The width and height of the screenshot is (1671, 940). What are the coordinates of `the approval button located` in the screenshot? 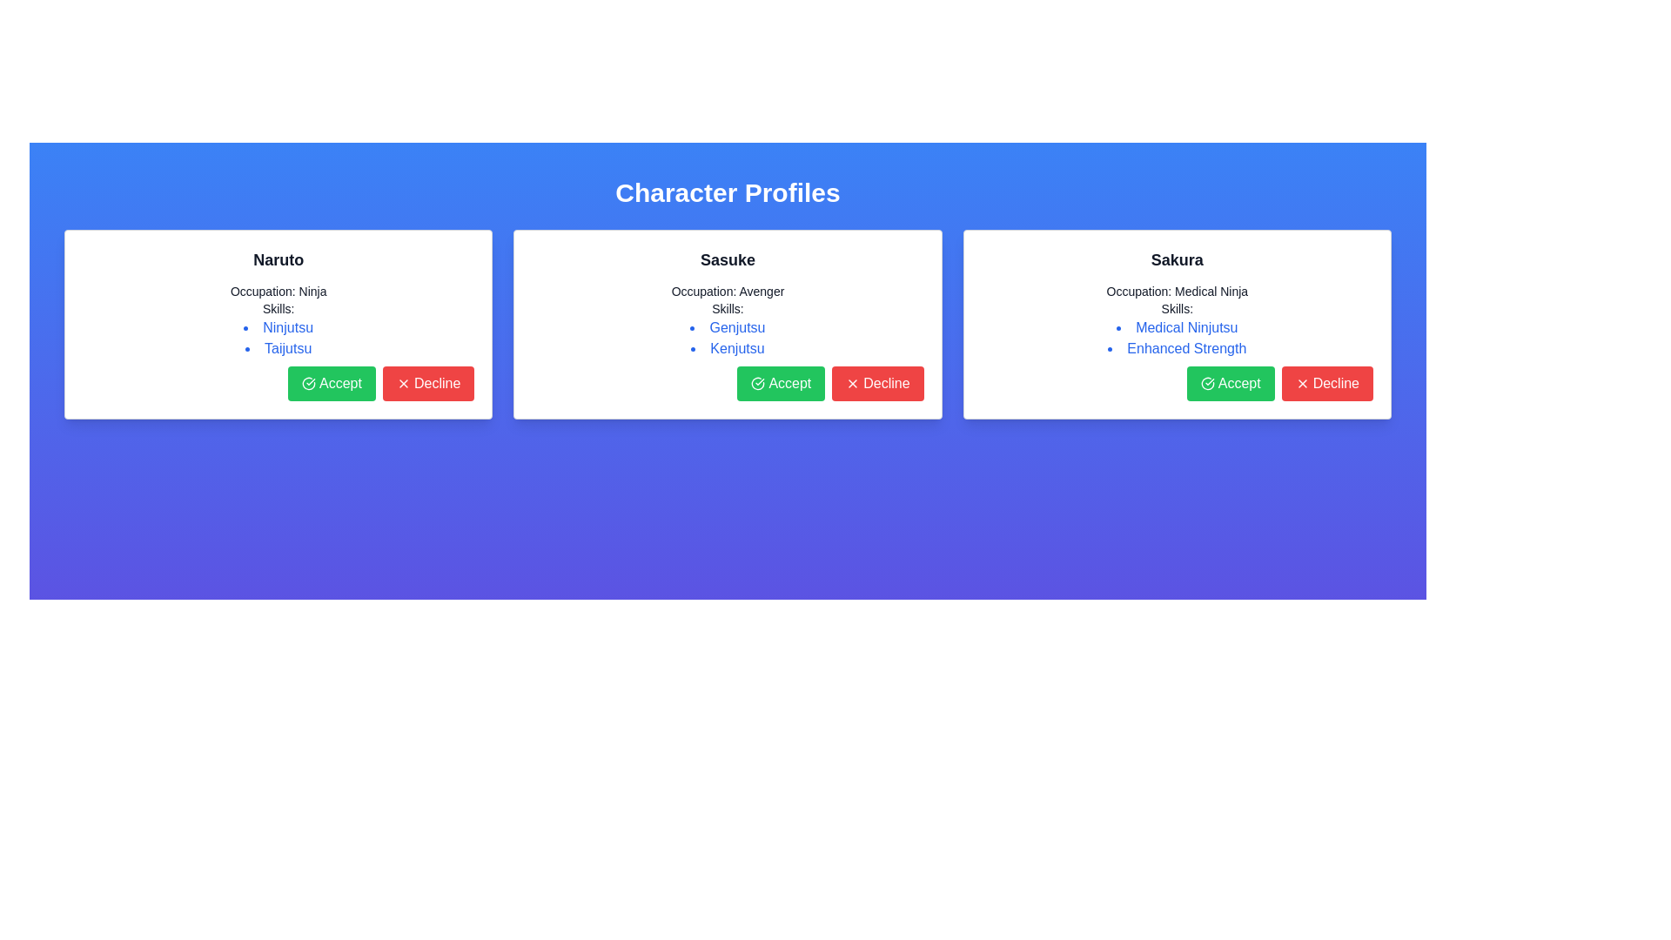 It's located at (332, 382).